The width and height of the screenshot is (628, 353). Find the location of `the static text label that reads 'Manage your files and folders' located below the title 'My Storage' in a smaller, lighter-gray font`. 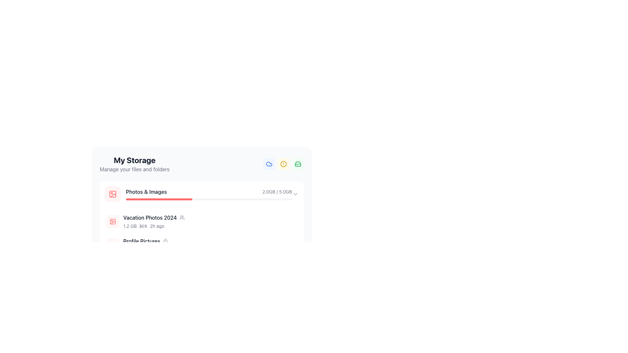

the static text label that reads 'Manage your files and folders' located below the title 'My Storage' in a smaller, lighter-gray font is located at coordinates (134, 169).